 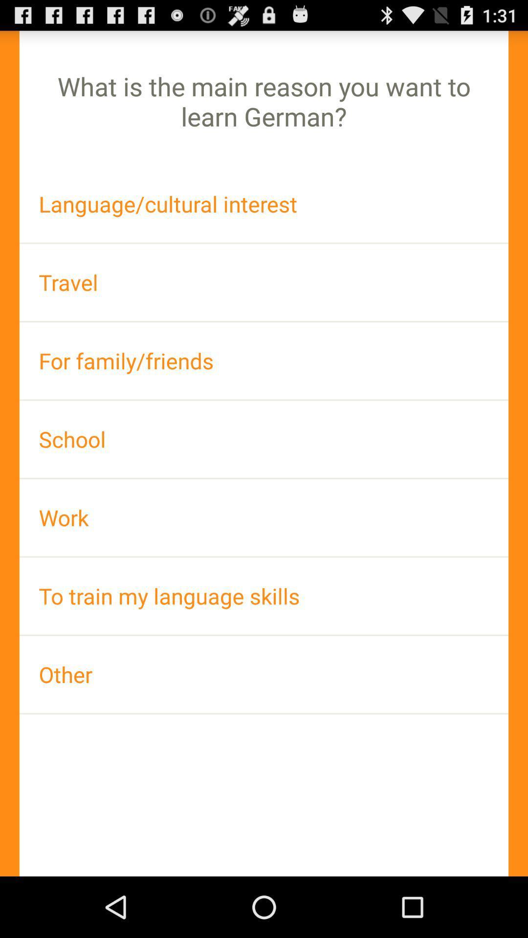 What do you see at coordinates (264, 439) in the screenshot?
I see `the school item` at bounding box center [264, 439].